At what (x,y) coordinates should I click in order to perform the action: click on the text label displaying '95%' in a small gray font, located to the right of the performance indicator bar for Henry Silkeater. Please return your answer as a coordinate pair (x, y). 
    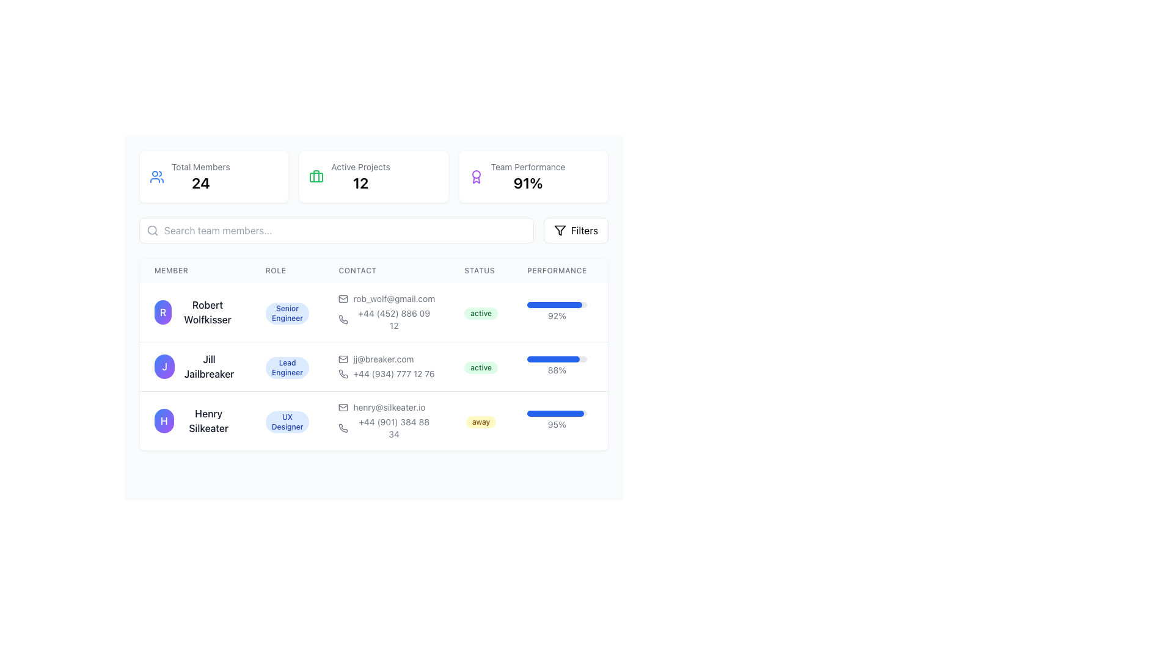
    Looking at the image, I should click on (557, 423).